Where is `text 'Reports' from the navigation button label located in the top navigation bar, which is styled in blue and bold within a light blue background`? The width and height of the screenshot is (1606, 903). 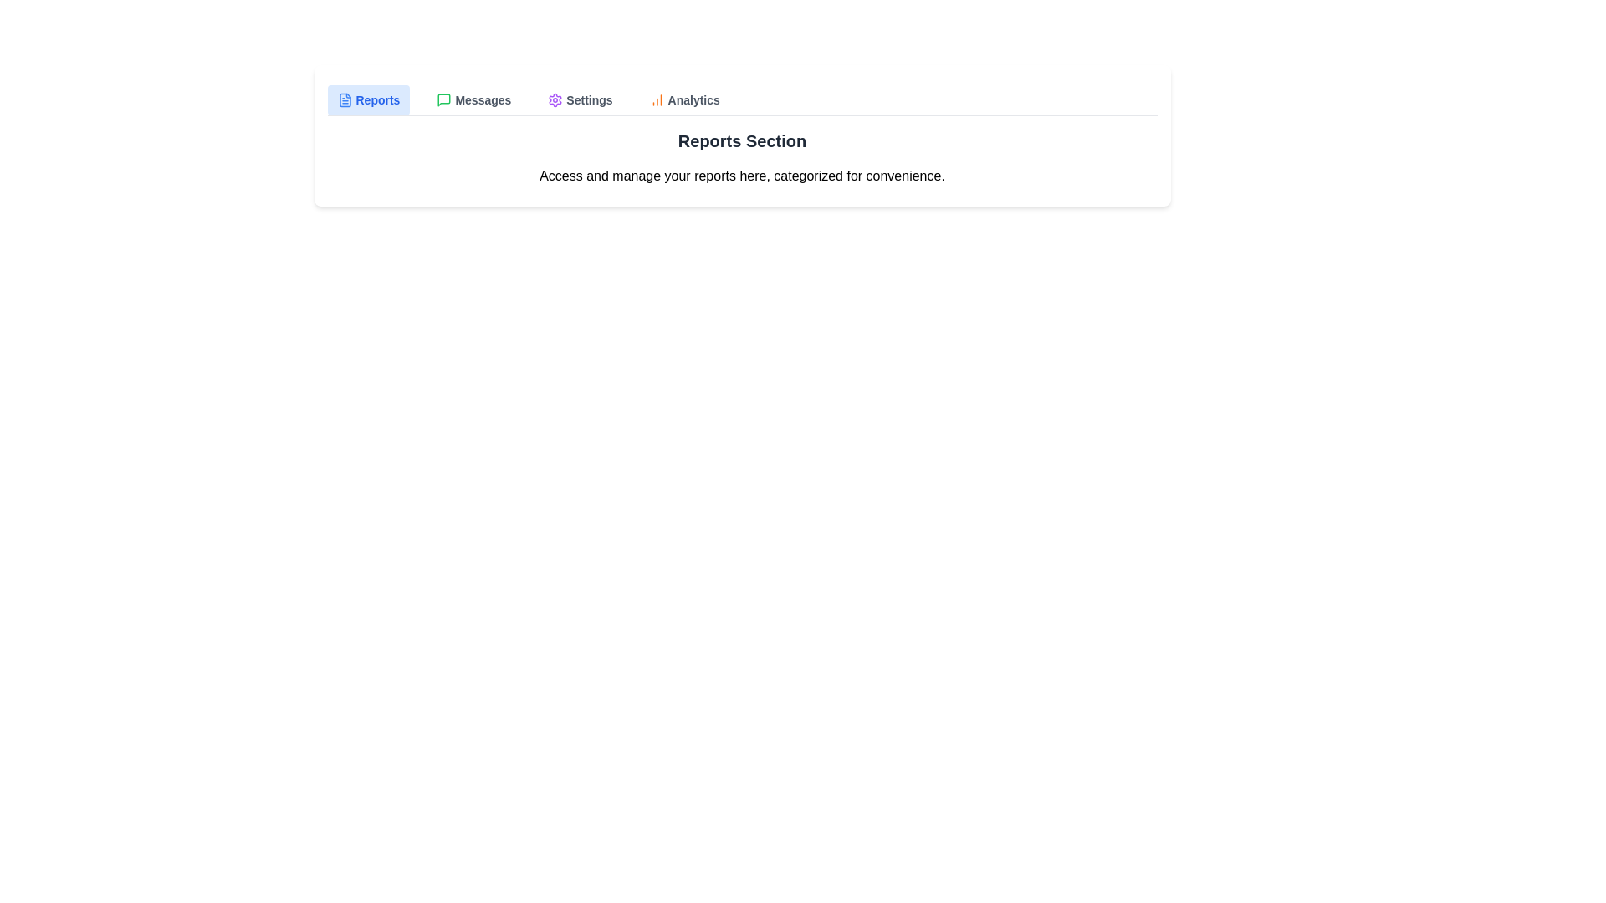
text 'Reports' from the navigation button label located in the top navigation bar, which is styled in blue and bold within a light blue background is located at coordinates (376, 99).